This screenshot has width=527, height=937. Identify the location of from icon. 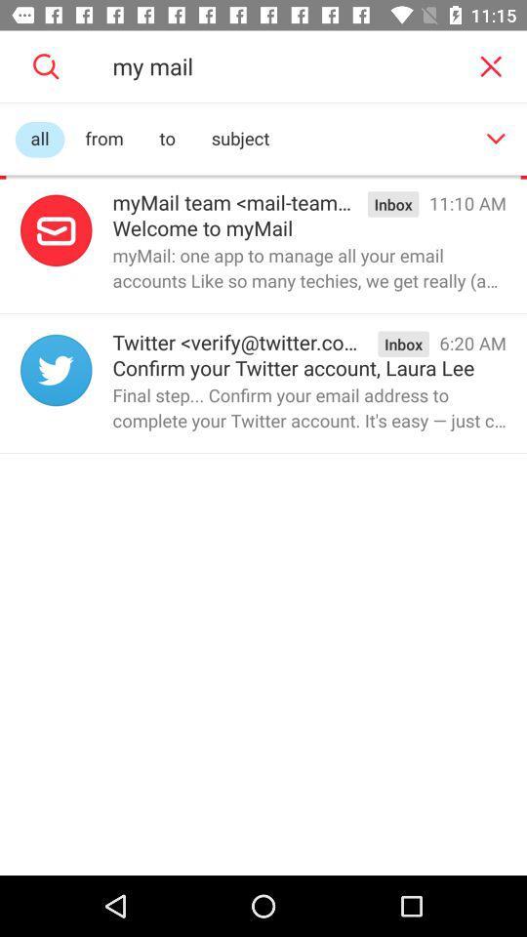
(104, 139).